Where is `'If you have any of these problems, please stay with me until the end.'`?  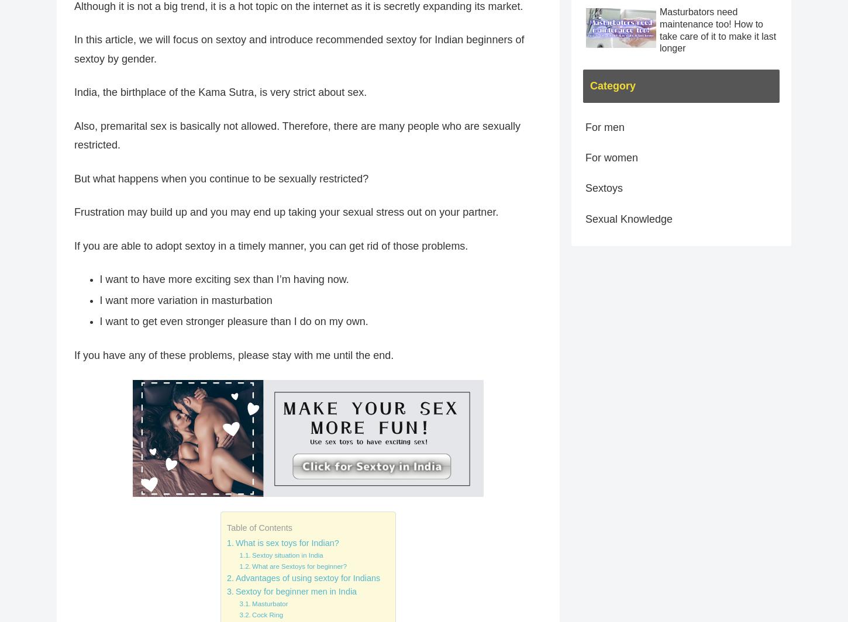 'If you have any of these problems, please stay with me until the end.' is located at coordinates (74, 355).